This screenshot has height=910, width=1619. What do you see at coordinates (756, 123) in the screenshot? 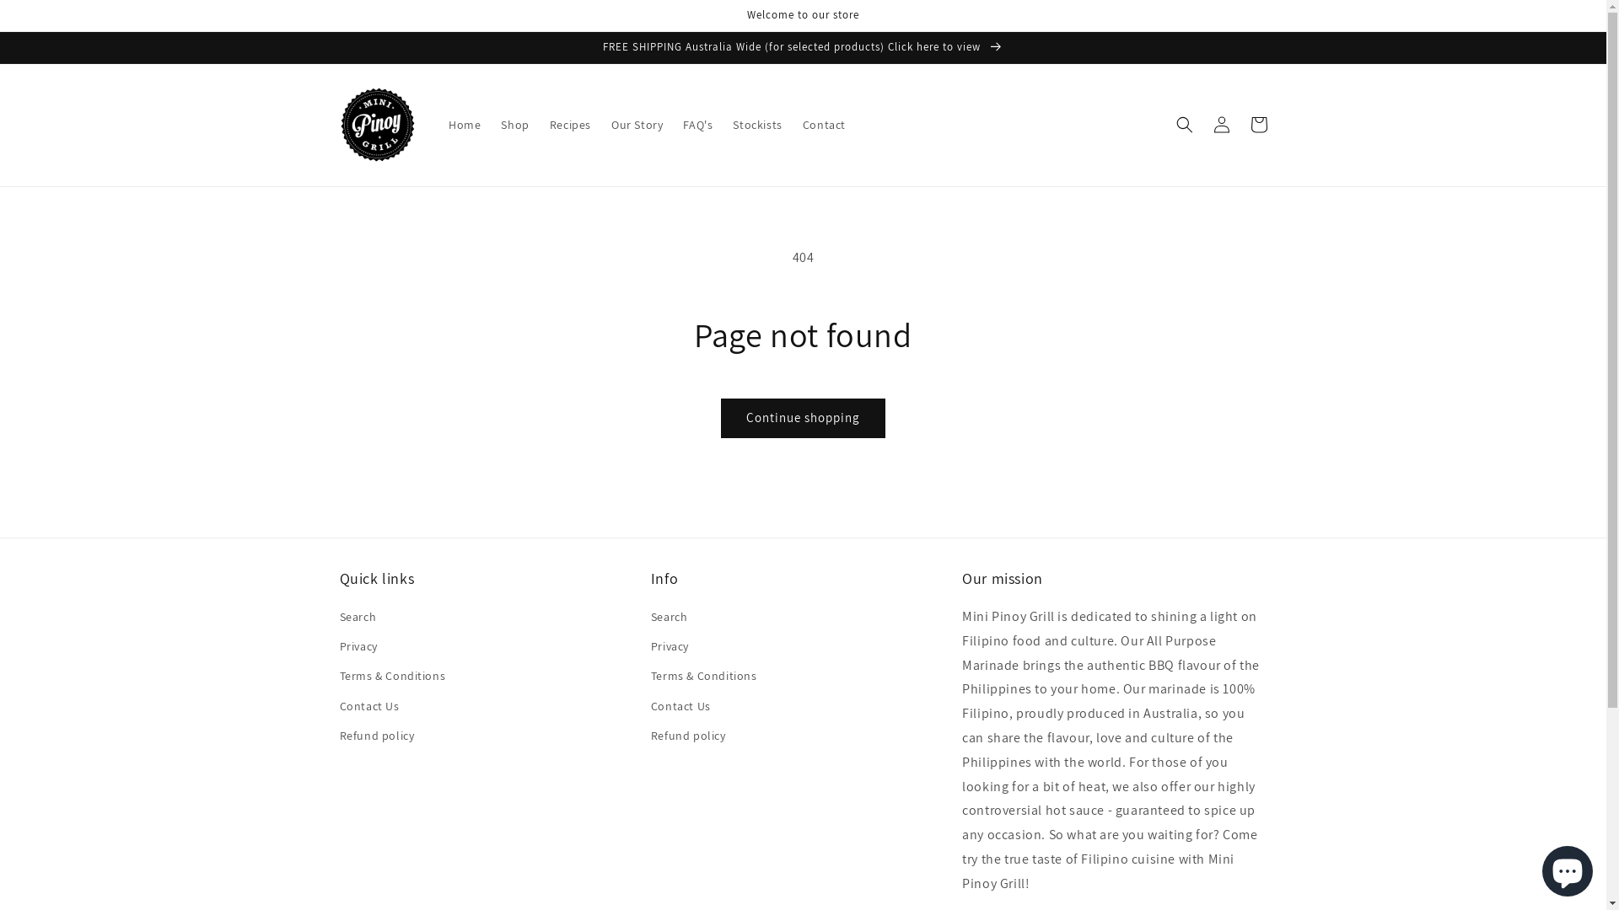
I see `'Stockists'` at bounding box center [756, 123].